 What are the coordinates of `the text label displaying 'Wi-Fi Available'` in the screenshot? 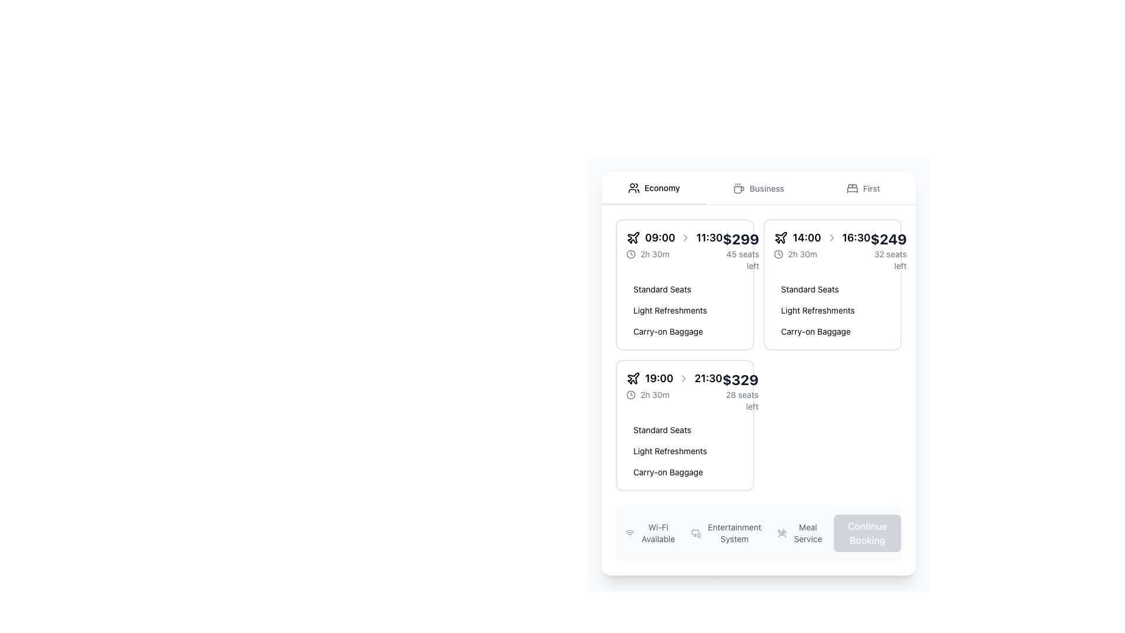 It's located at (658, 533).